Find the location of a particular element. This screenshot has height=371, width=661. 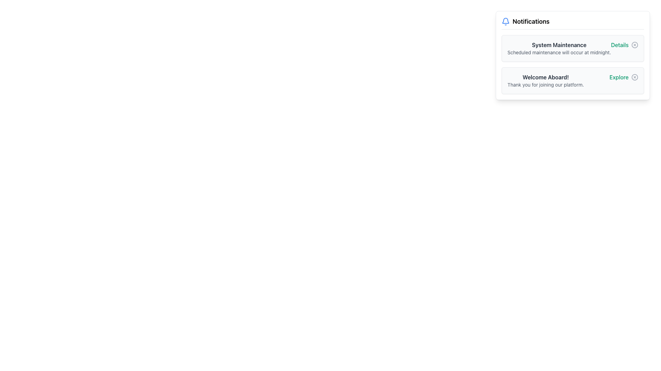

the 'Explore' text label displayed in green font within the notification panel, located at the bottom right section after 'Welcome Aboard!' is located at coordinates (623, 77).